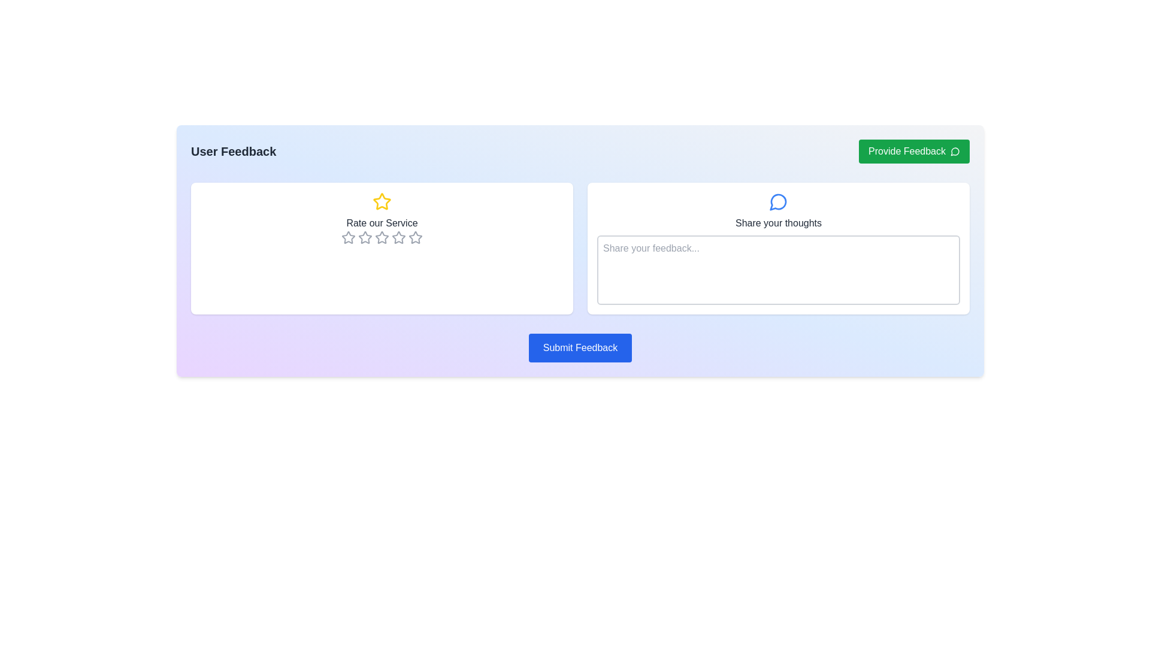 The width and height of the screenshot is (1150, 647). What do you see at coordinates (382, 237) in the screenshot?
I see `the second star icon from the left in the 5-star rating system` at bounding box center [382, 237].